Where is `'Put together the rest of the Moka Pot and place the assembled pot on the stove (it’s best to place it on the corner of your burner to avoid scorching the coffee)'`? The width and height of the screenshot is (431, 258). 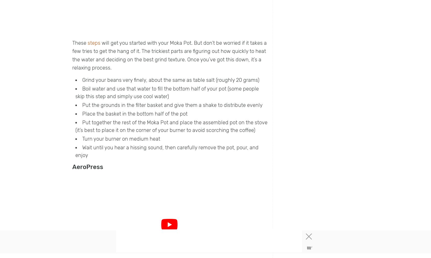 'Put together the rest of the Moka Pot and place the assembled pot on the stove (it’s best to place it on the corner of your burner to avoid scorching the coffee)' is located at coordinates (75, 126).